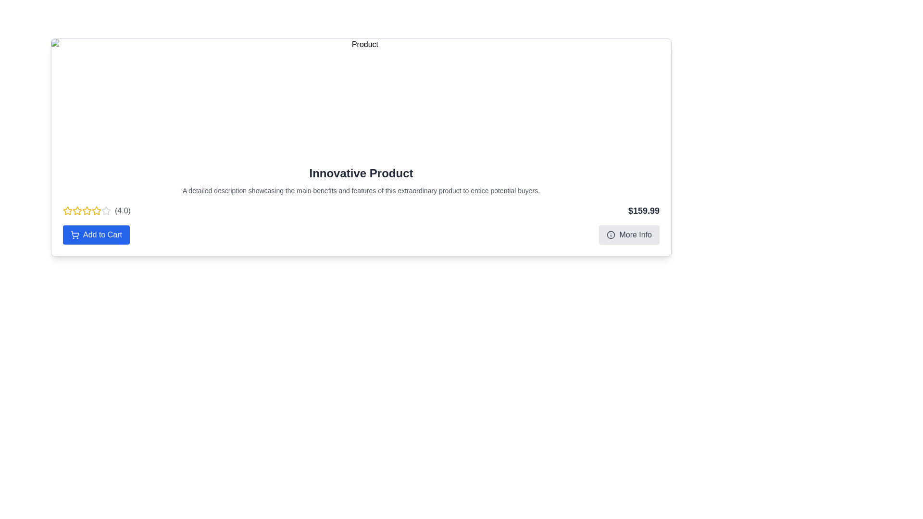 This screenshot has height=519, width=923. I want to click on the second star-shaped icon with a yellow outline and white interior in the 5-star rating system, located below the main product description to the left of the '(4.0)' rating text, so click(77, 210).